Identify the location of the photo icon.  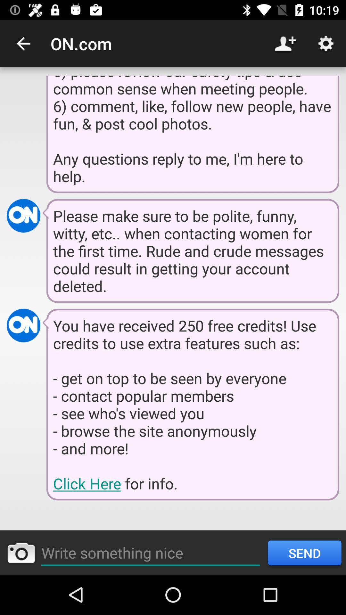
(21, 553).